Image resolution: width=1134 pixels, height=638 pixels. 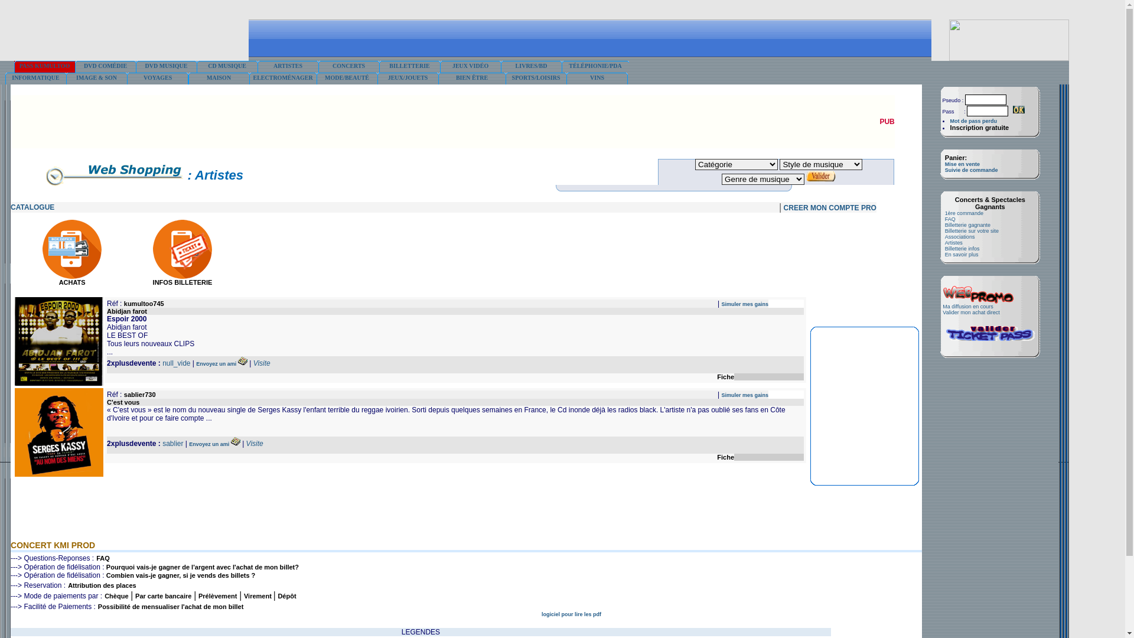 I want to click on 'VINS', so click(x=597, y=78).